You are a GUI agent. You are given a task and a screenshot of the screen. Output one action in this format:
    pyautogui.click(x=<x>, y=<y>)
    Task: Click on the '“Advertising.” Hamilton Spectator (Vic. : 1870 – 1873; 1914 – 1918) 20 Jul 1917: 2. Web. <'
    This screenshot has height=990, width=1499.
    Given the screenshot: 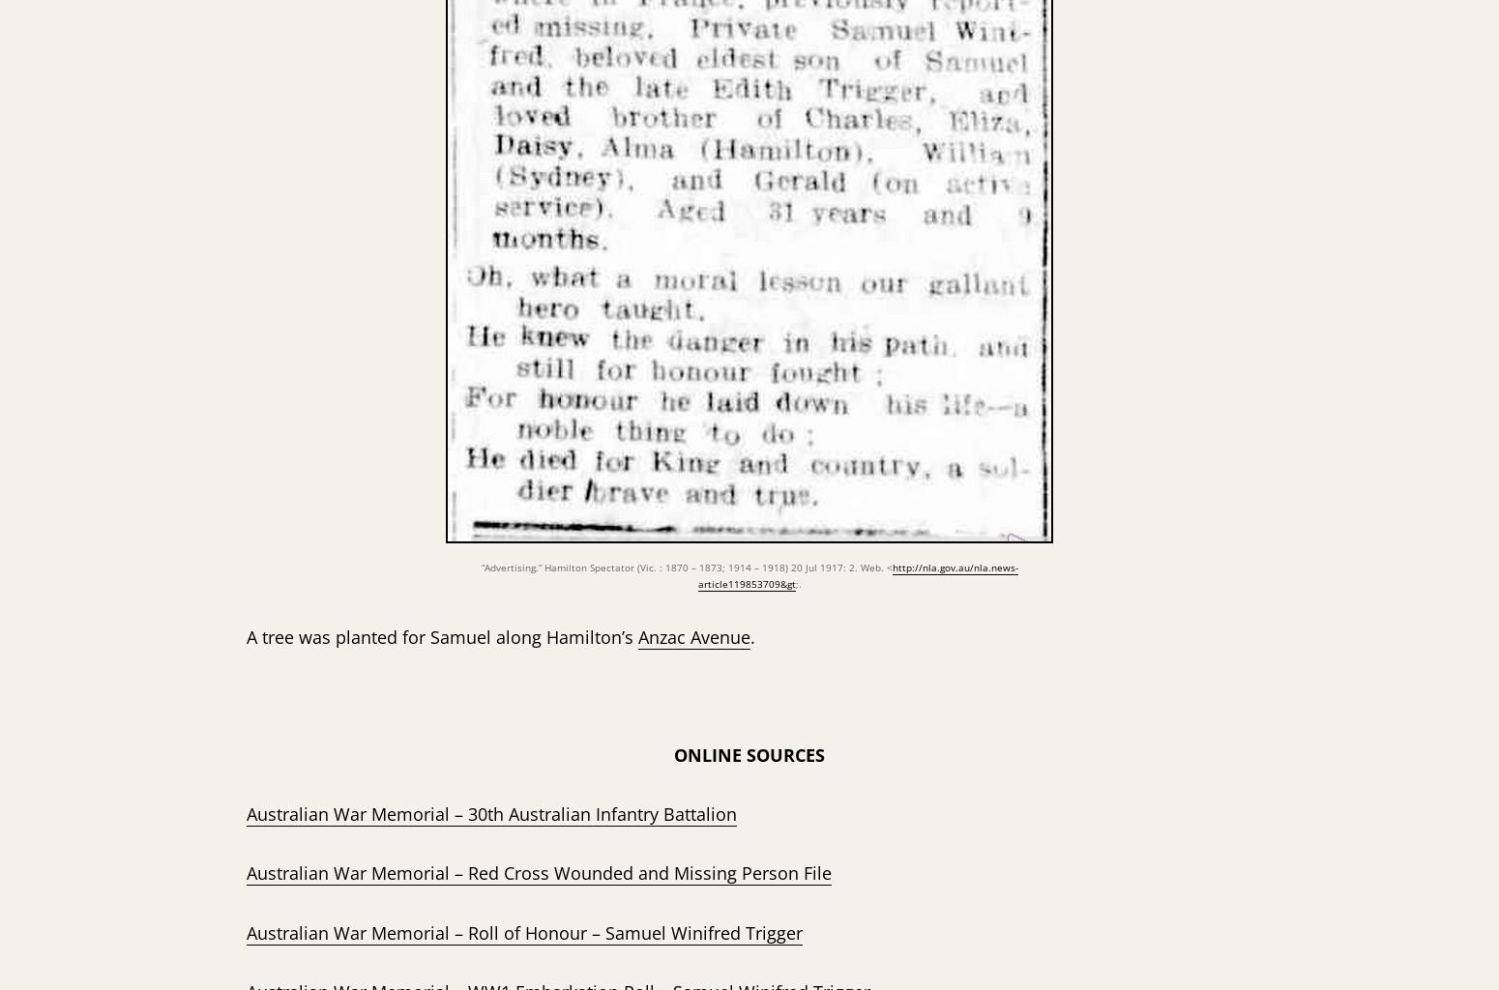 What is the action you would take?
    pyautogui.click(x=686, y=566)
    